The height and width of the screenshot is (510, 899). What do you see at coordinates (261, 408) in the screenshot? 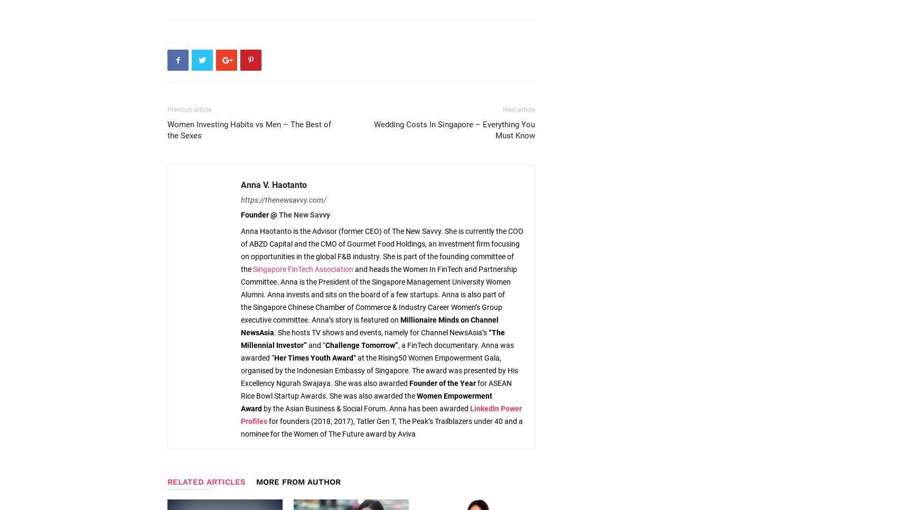
I see `'by the Asian Business & Social Forum.
Anna has been awarded'` at bounding box center [261, 408].